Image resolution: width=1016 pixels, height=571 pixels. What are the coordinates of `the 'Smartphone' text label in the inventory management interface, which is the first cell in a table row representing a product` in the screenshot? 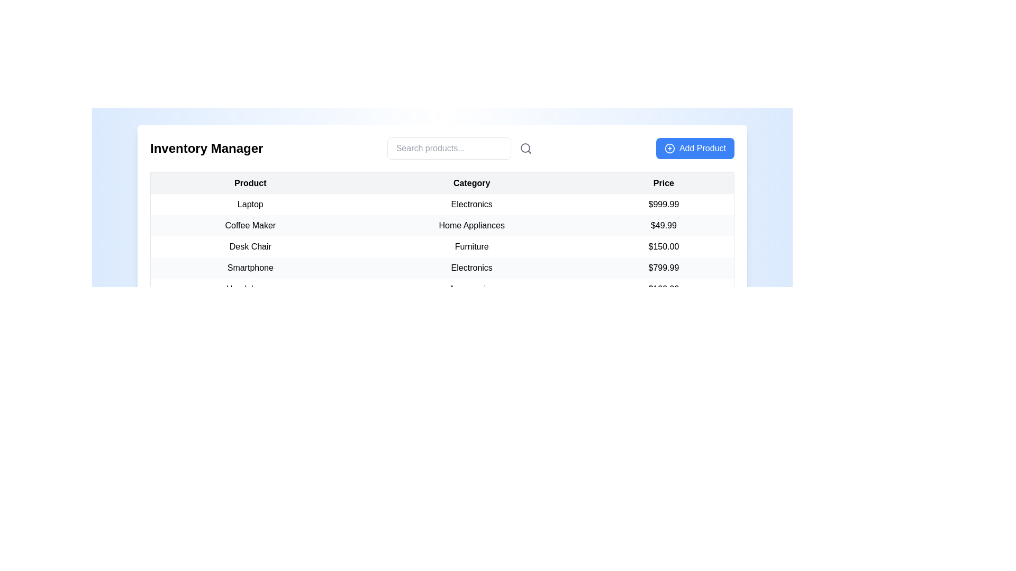 It's located at (250, 267).